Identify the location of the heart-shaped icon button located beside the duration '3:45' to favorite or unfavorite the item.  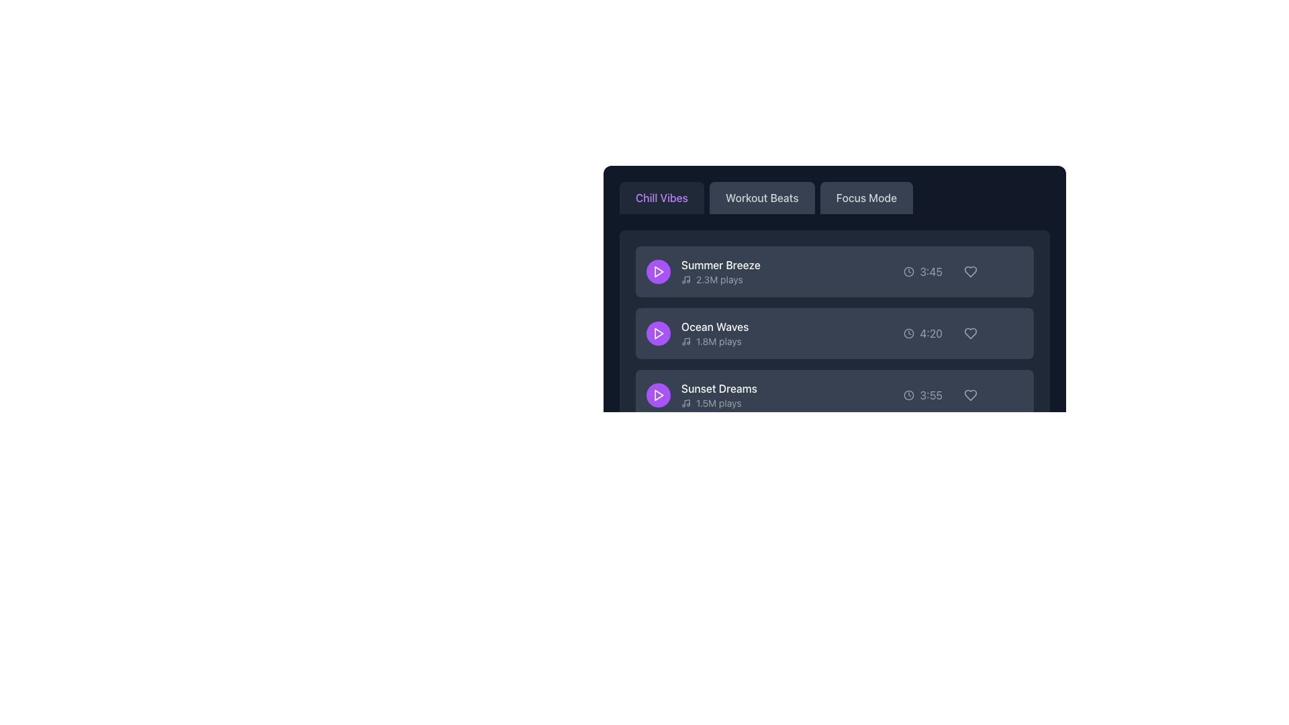
(970, 272).